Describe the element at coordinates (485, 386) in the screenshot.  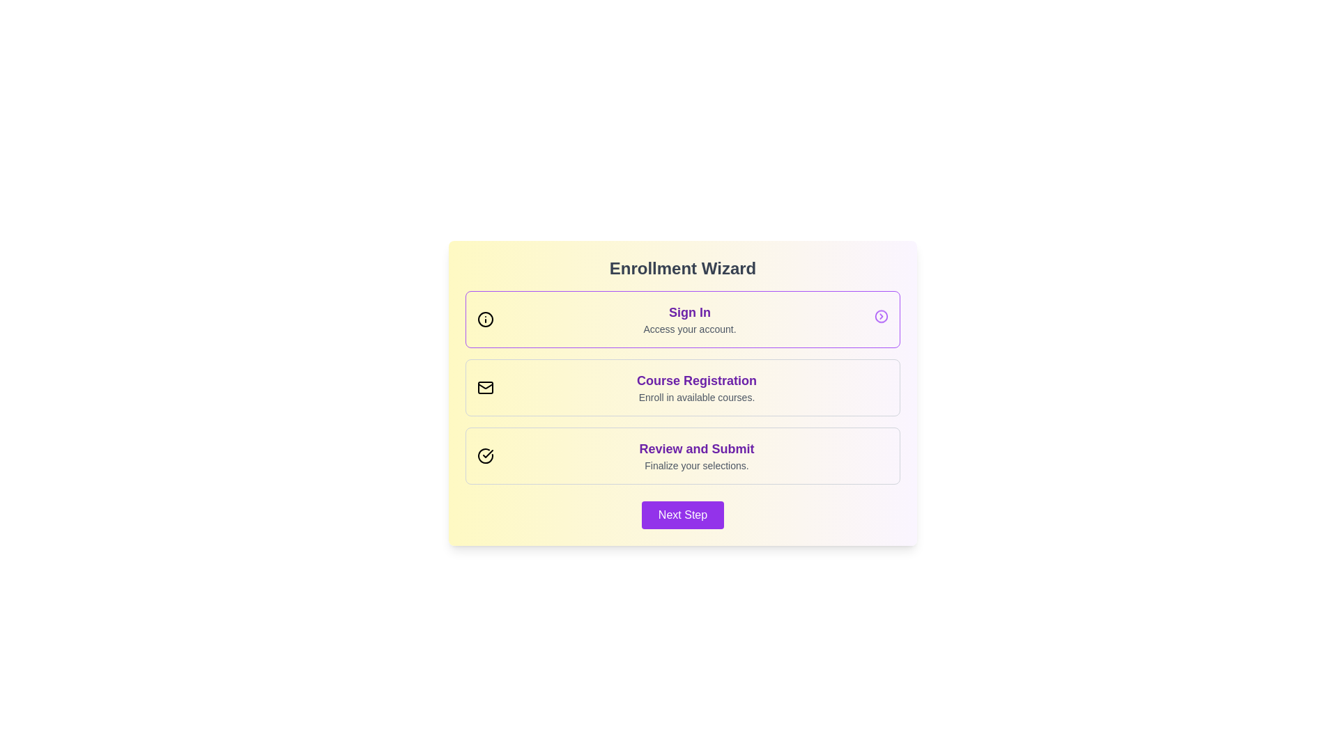
I see `the envelope icon representing email or messages in the 'Course Registration' section` at that location.